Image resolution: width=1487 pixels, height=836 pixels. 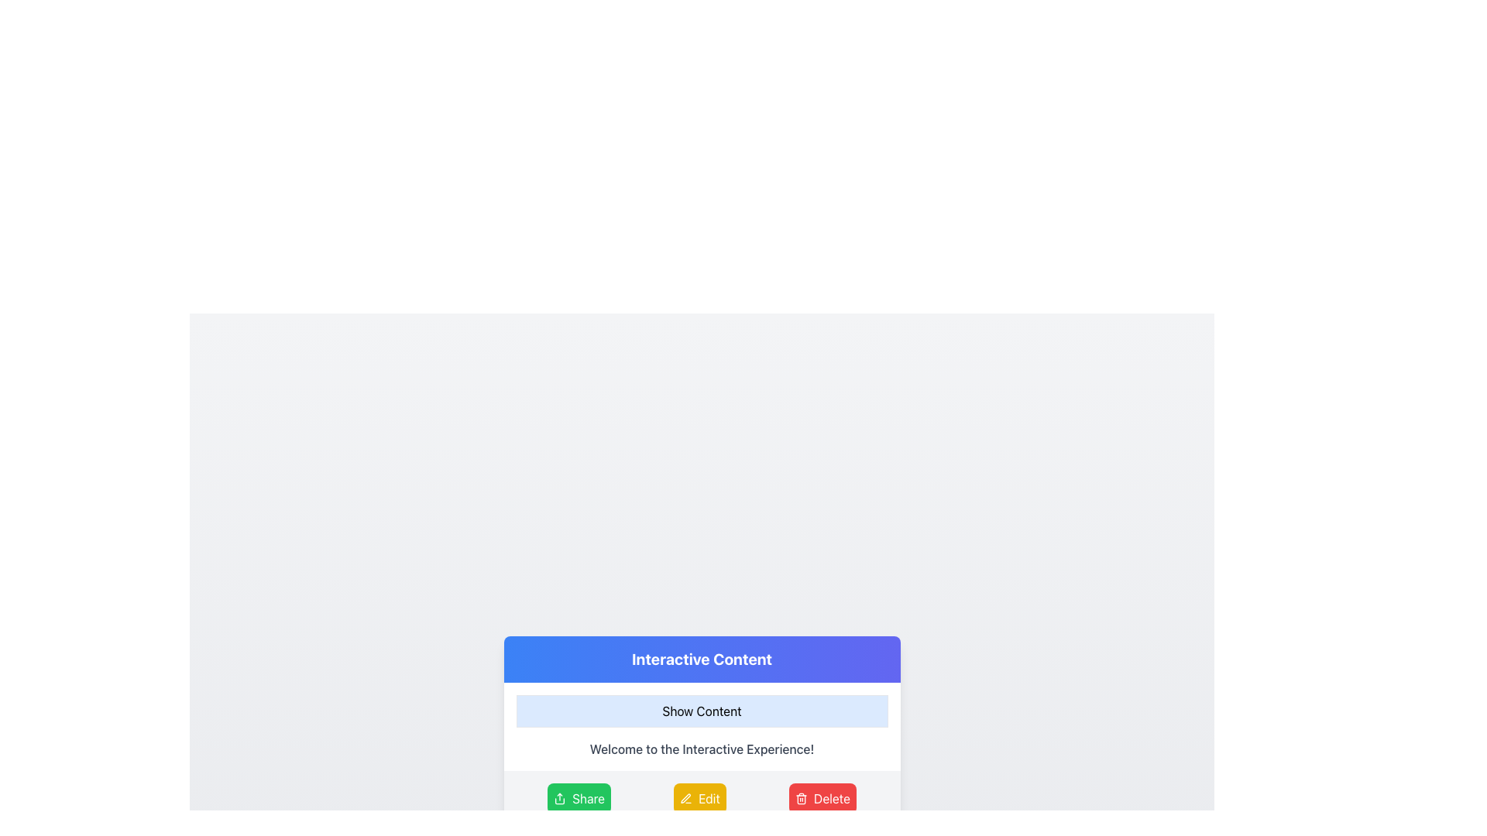 I want to click on the yellow 'Edit' button located in the bottom center of the interface, so click(x=709, y=799).